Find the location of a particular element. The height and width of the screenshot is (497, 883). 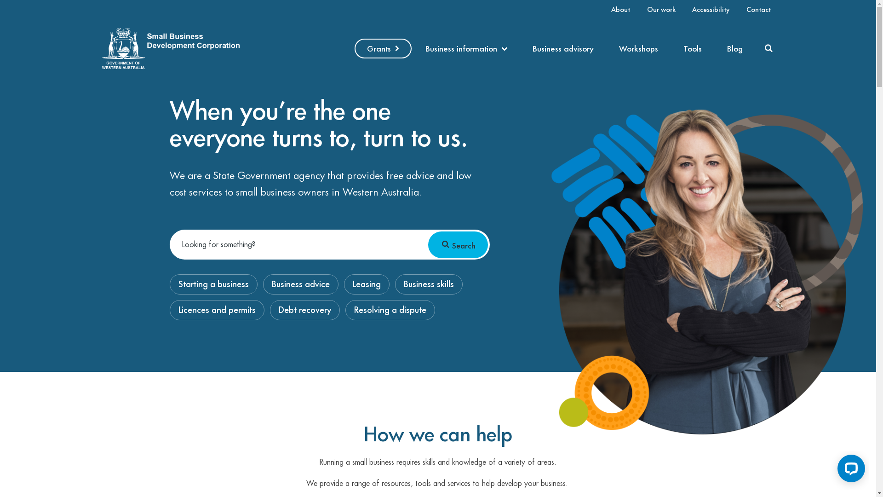

'LiveChat chat widget' is located at coordinates (830, 470).